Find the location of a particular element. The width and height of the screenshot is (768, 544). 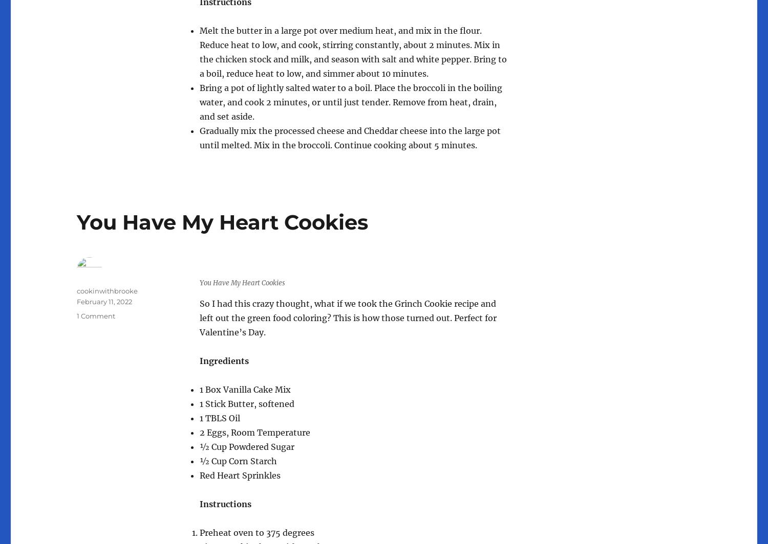

'½ Cup Corn Starch' is located at coordinates (238, 460).